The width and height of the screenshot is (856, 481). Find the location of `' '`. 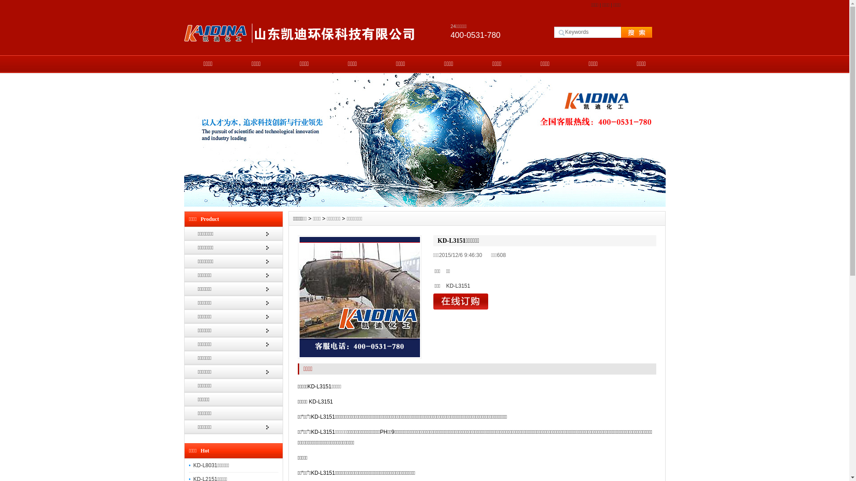

' ' is located at coordinates (628, 32).